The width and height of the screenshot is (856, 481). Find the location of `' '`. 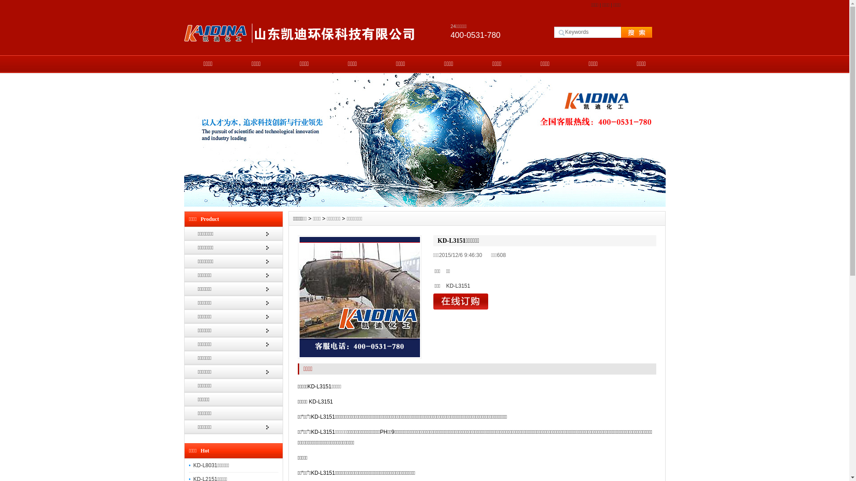

' ' is located at coordinates (628, 32).